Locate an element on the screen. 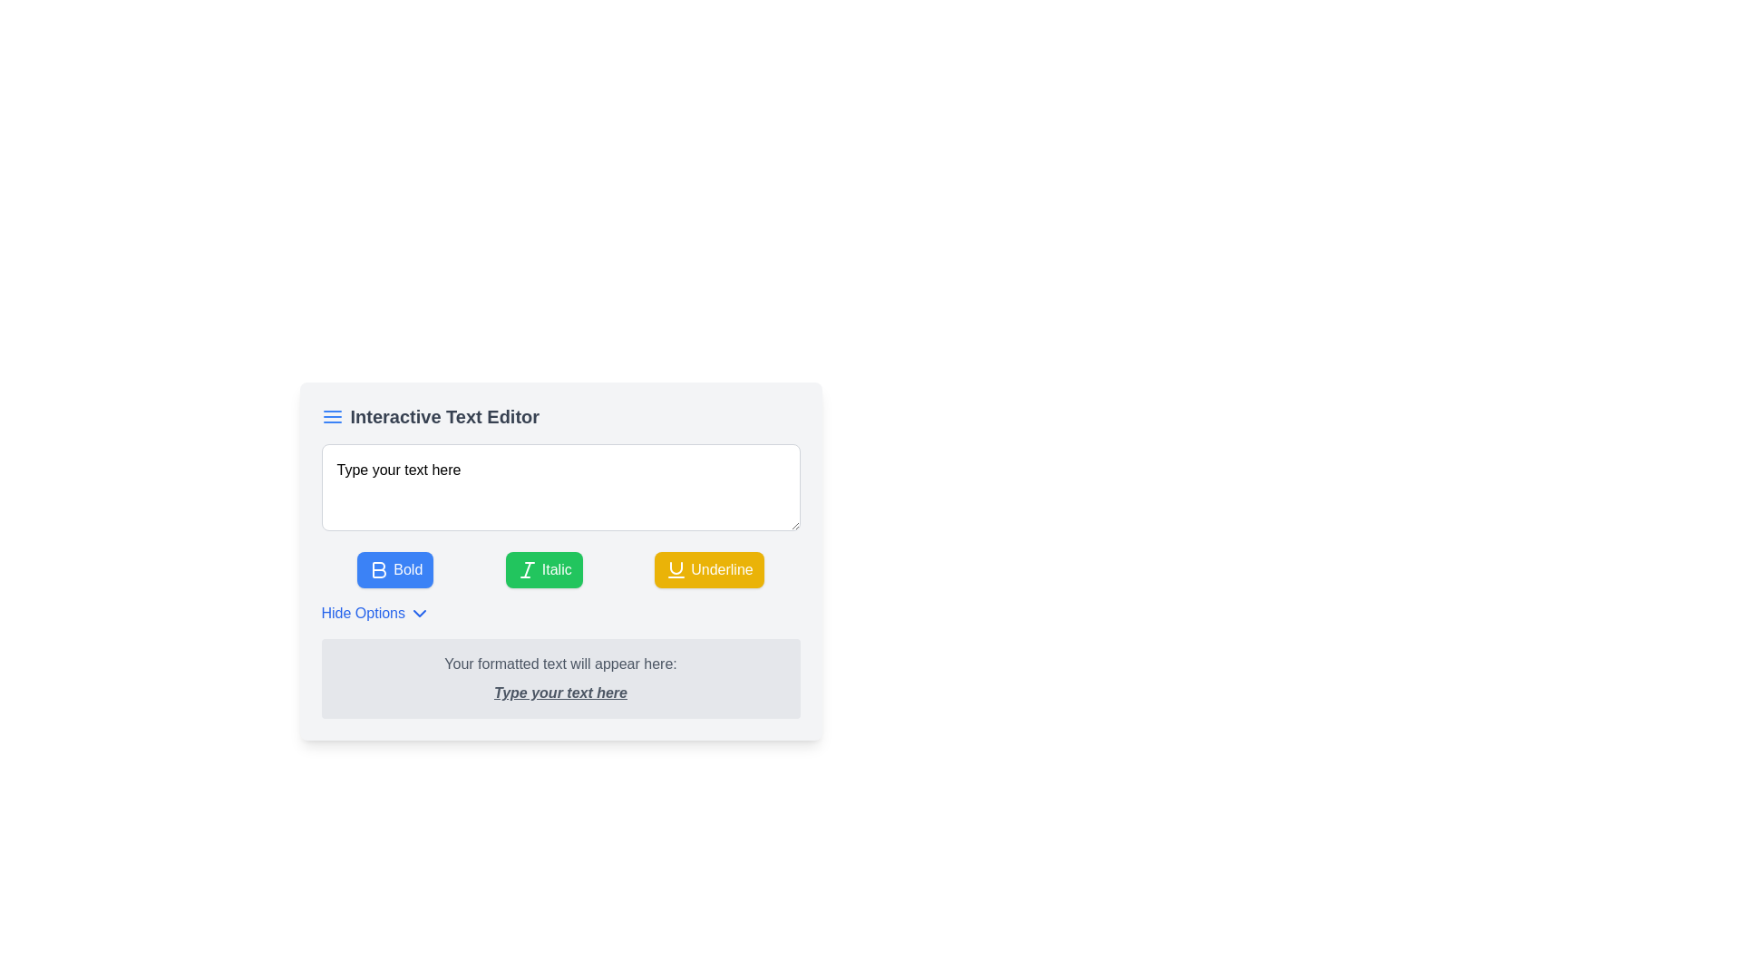 Image resolution: width=1741 pixels, height=979 pixels. displayed text from the Label or Display Box located at the bottom of the 'Interactive Text Editor' card, which shows formatted user input is located at coordinates (559, 678).